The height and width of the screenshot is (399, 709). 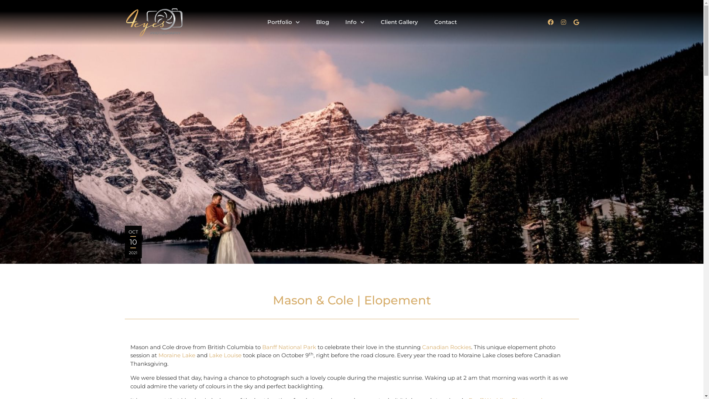 What do you see at coordinates (563, 22) in the screenshot?
I see `'Instagram'` at bounding box center [563, 22].